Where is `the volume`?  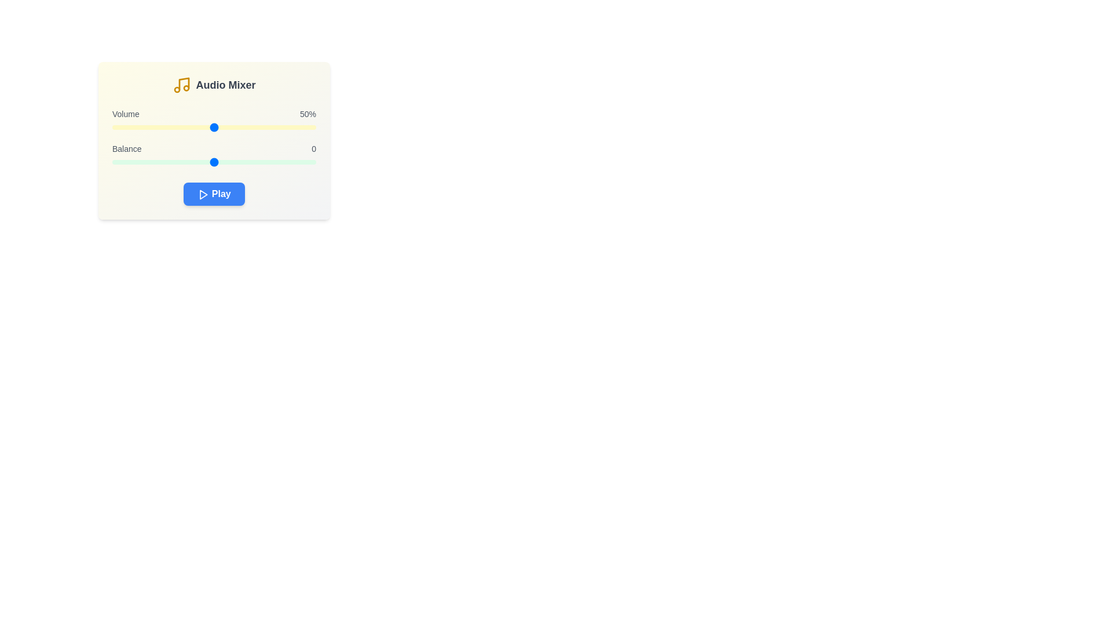
the volume is located at coordinates (231, 127).